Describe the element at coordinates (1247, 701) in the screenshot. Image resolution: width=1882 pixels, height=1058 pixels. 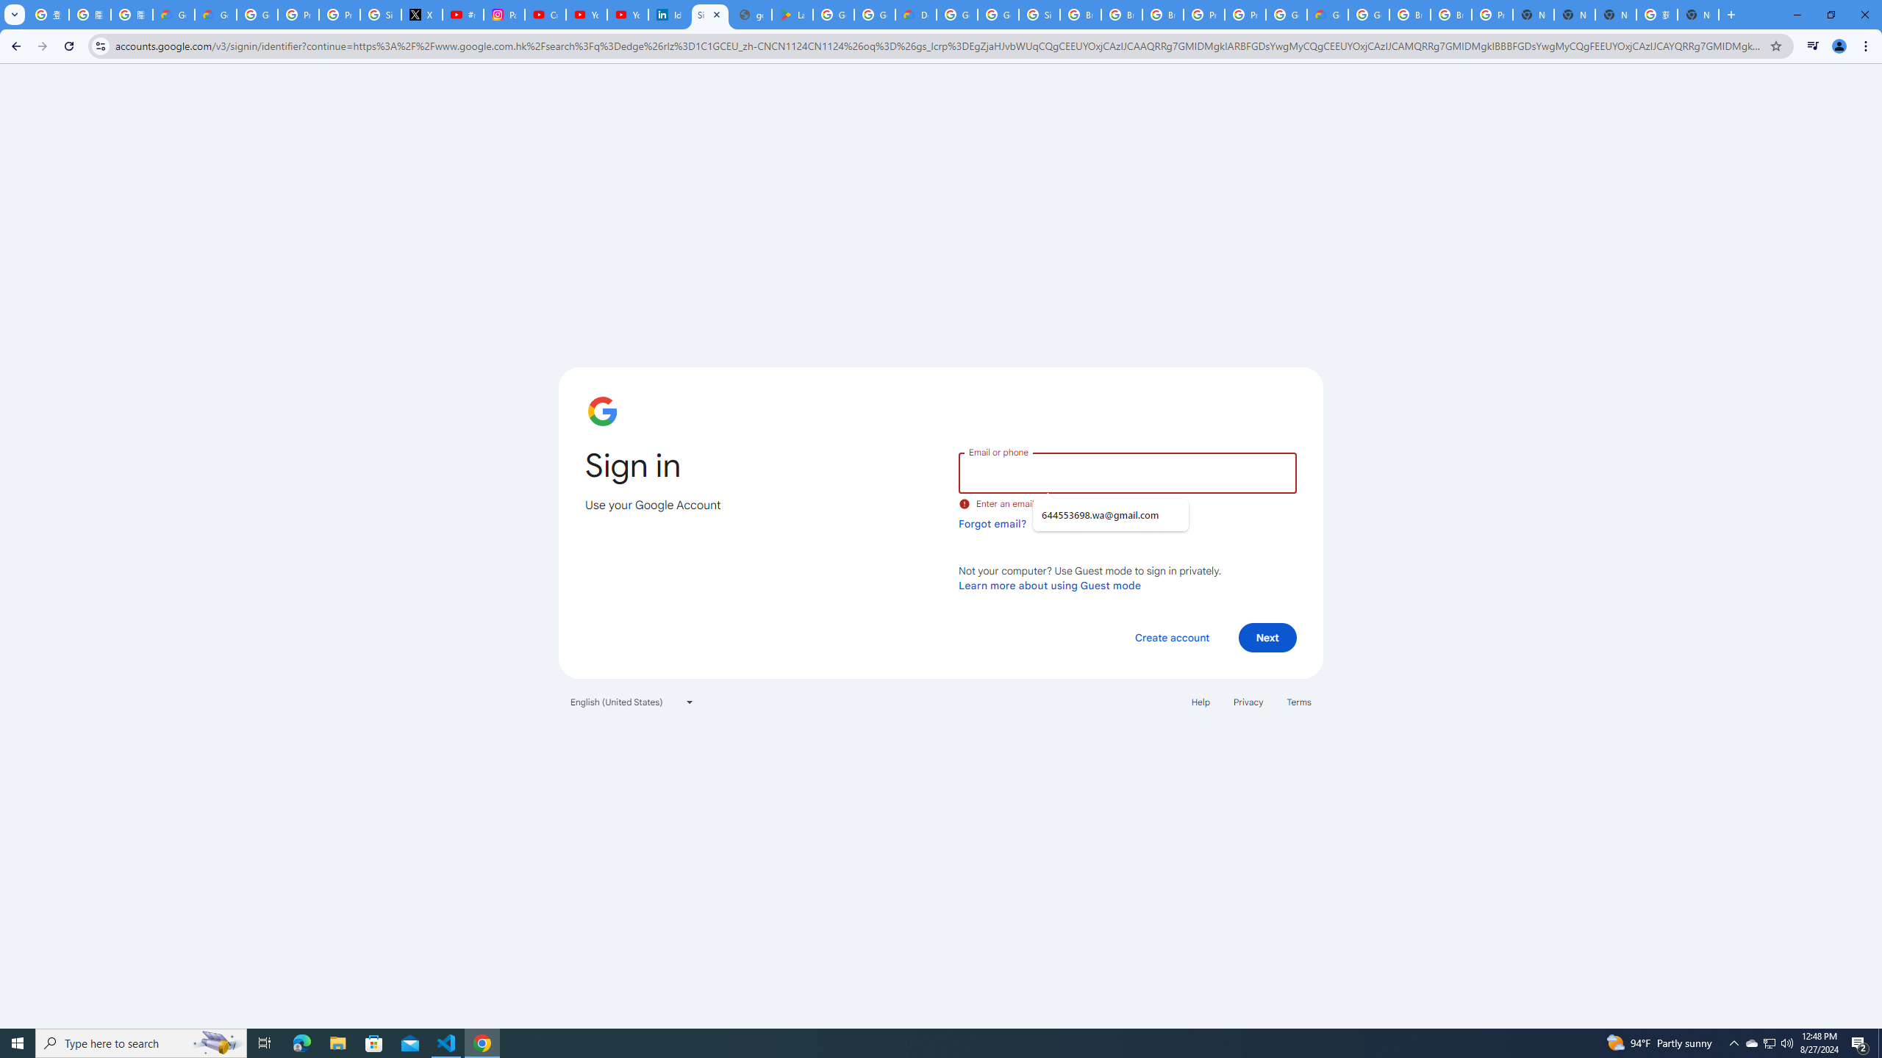
I see `'Privacy'` at that location.